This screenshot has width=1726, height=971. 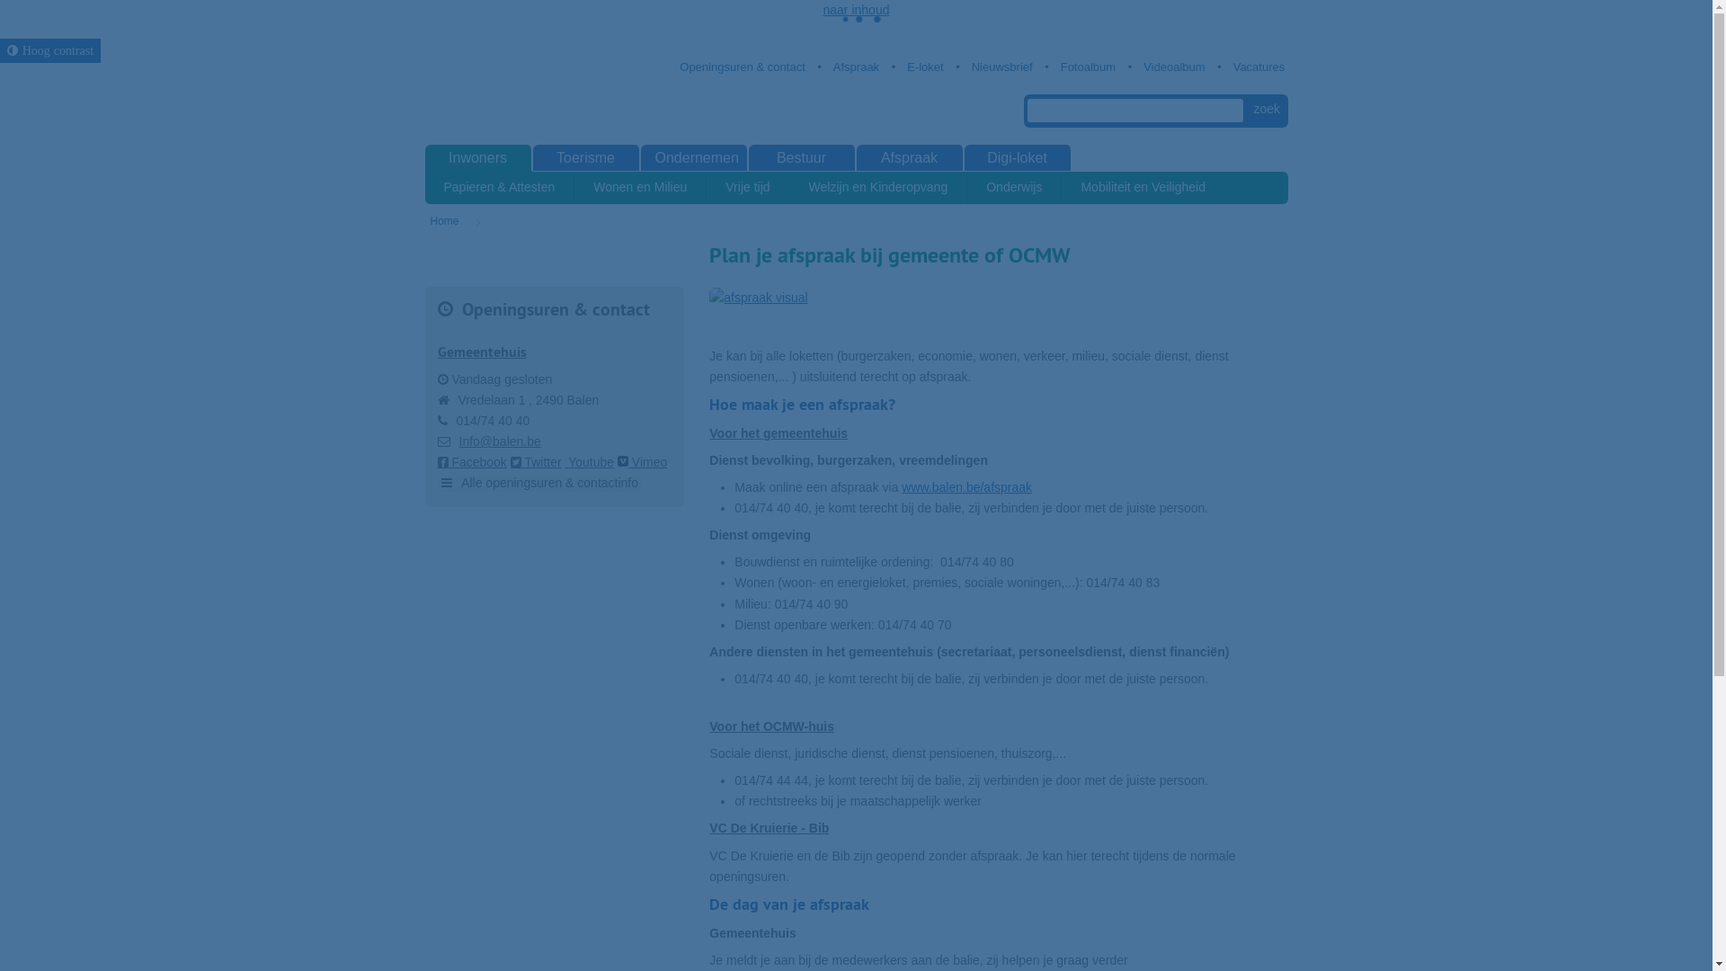 I want to click on 'Bestuur', so click(x=801, y=157).